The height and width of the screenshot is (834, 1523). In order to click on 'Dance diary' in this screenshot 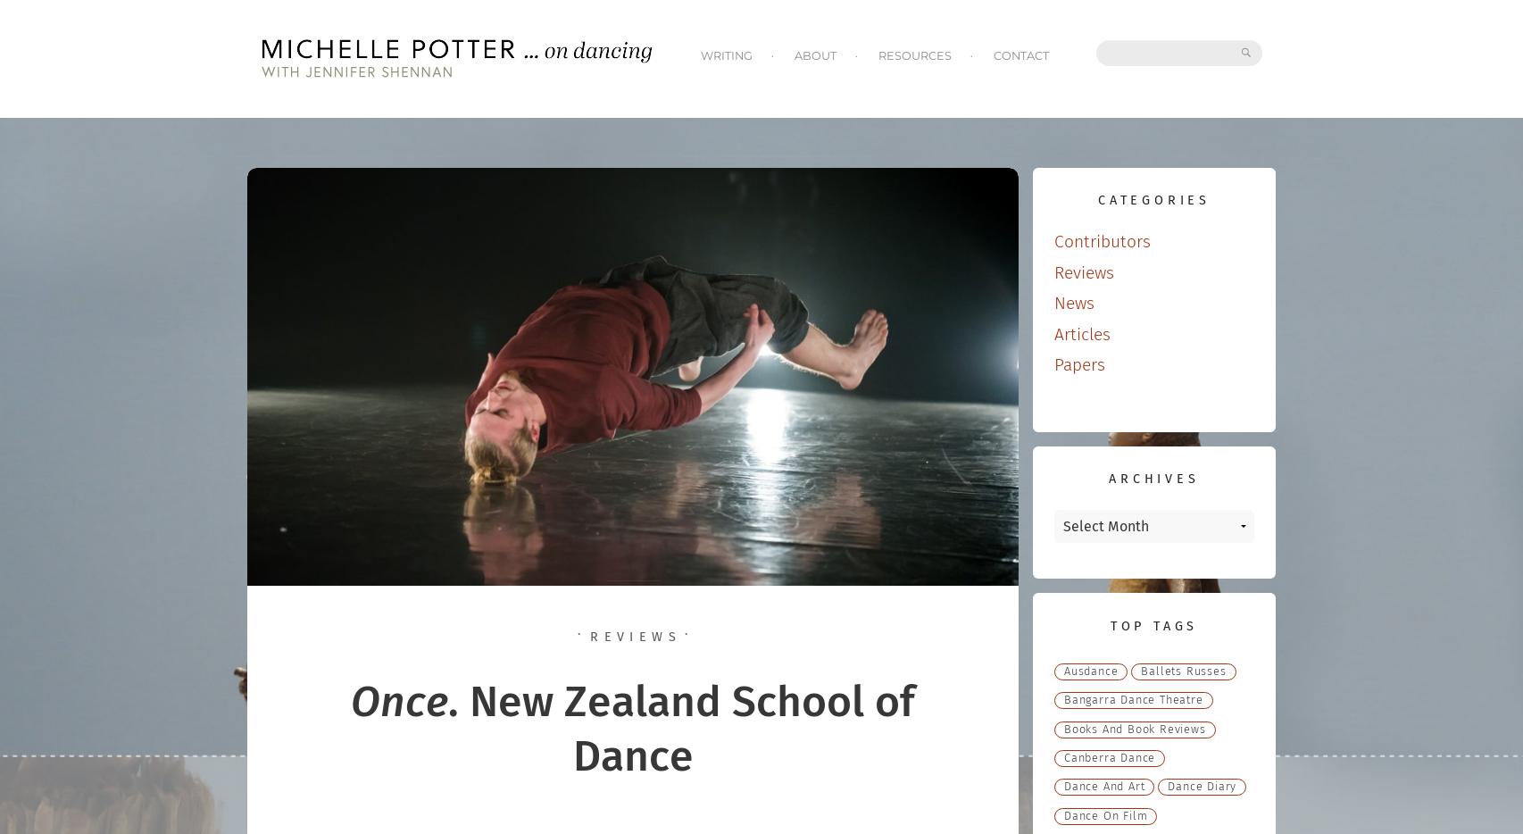, I will do `click(1201, 786)`.